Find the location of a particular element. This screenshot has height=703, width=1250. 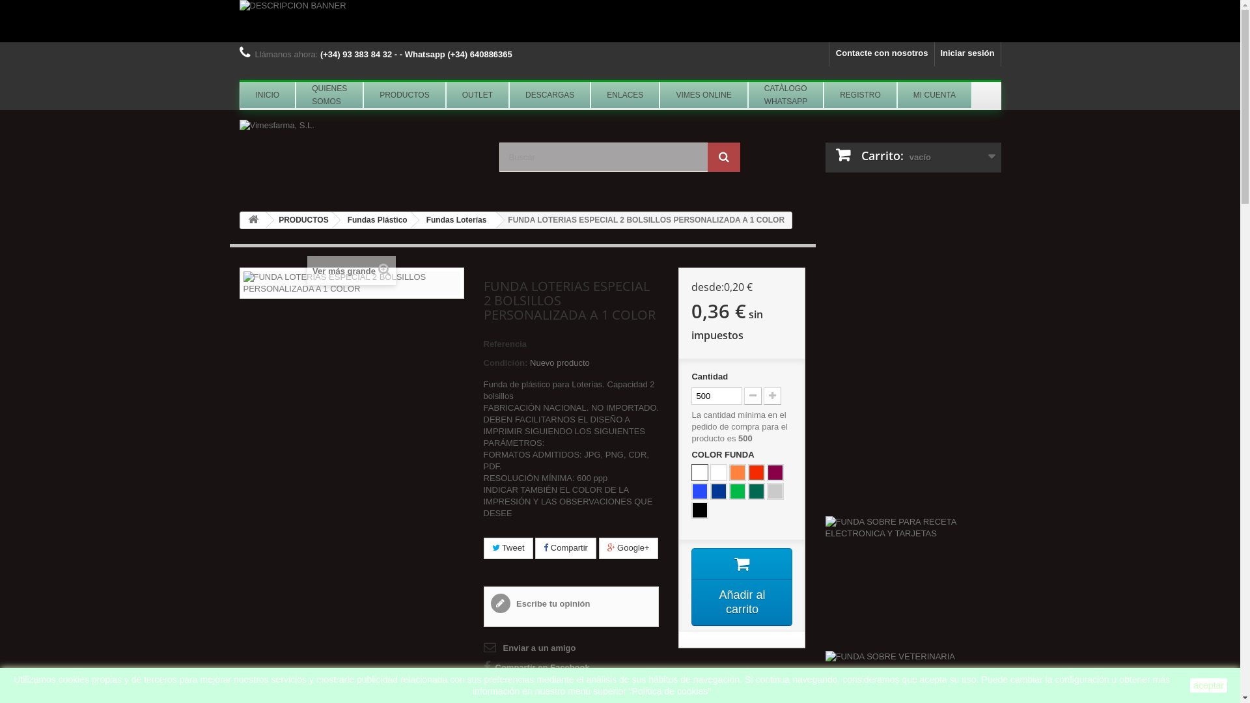

'Volver a Inicio' is located at coordinates (240, 219).